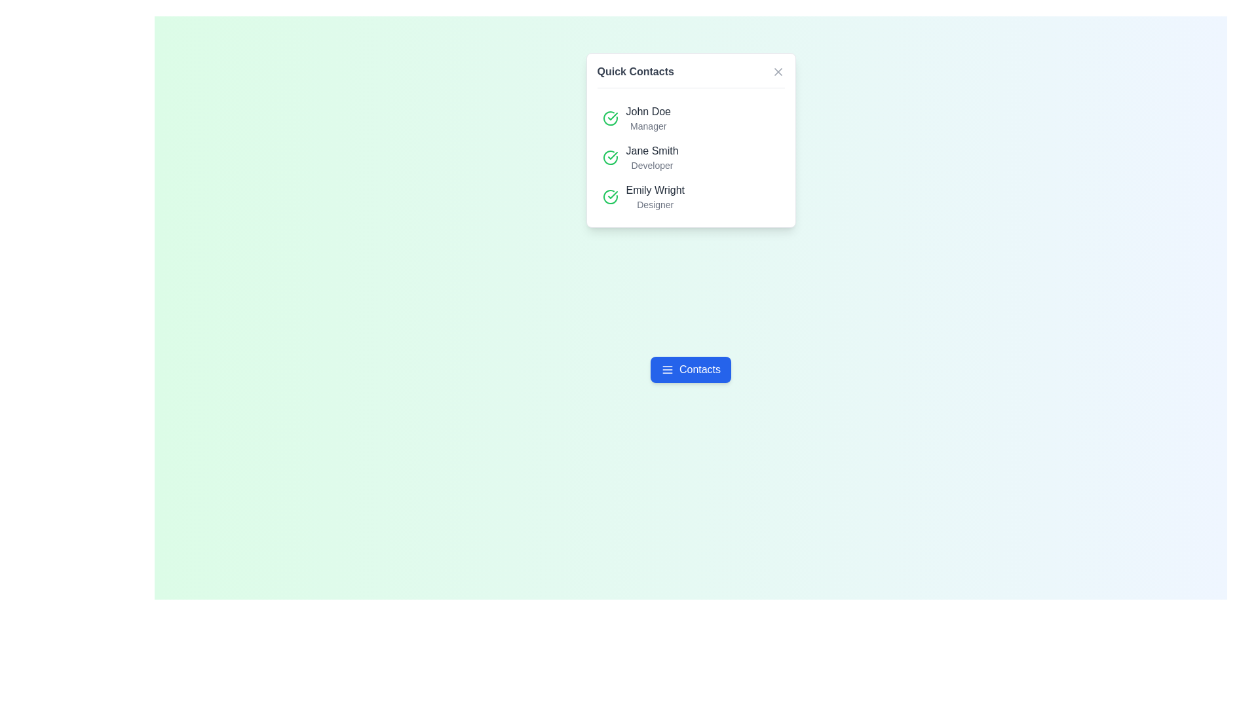 This screenshot has height=707, width=1258. I want to click on the text label displaying the name of a contact in the 'Quick Contacts' section, which is the first entry in the list and appears above the 'Manager' label, so click(648, 111).